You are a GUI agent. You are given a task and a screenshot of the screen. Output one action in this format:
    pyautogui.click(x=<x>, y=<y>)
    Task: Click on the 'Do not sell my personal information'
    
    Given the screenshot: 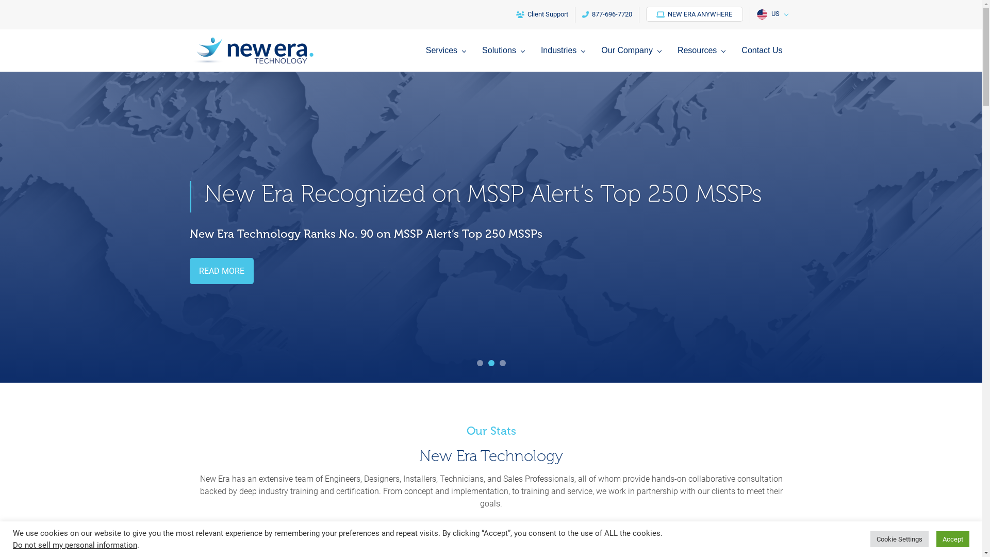 What is the action you would take?
    pyautogui.click(x=74, y=544)
    